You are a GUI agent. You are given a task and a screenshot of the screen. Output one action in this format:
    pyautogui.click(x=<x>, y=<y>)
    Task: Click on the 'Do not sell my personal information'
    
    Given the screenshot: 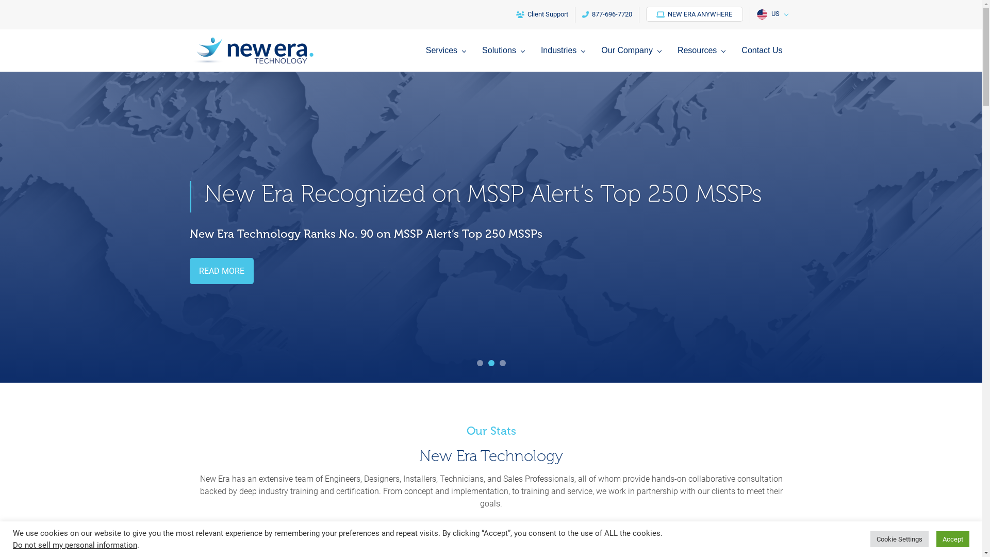 What is the action you would take?
    pyautogui.click(x=74, y=544)
    